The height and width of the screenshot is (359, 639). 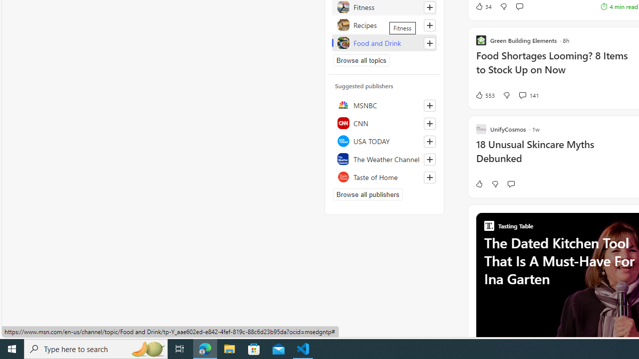 I want to click on 'Follow this topic', so click(x=429, y=42).